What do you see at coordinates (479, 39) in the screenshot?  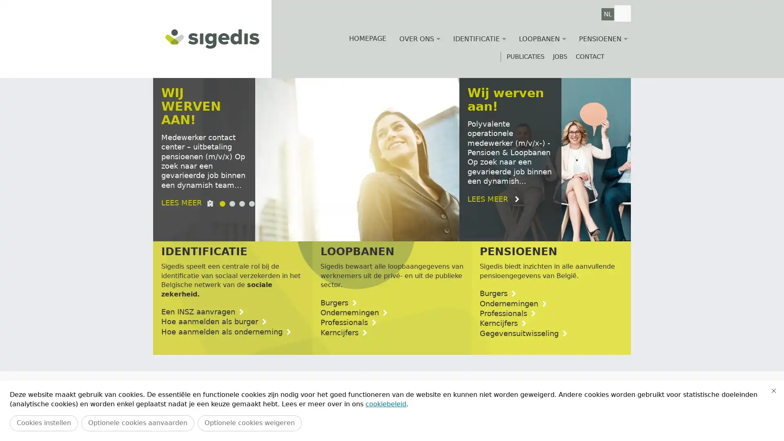 I see `IDENTIFICATIE` at bounding box center [479, 39].